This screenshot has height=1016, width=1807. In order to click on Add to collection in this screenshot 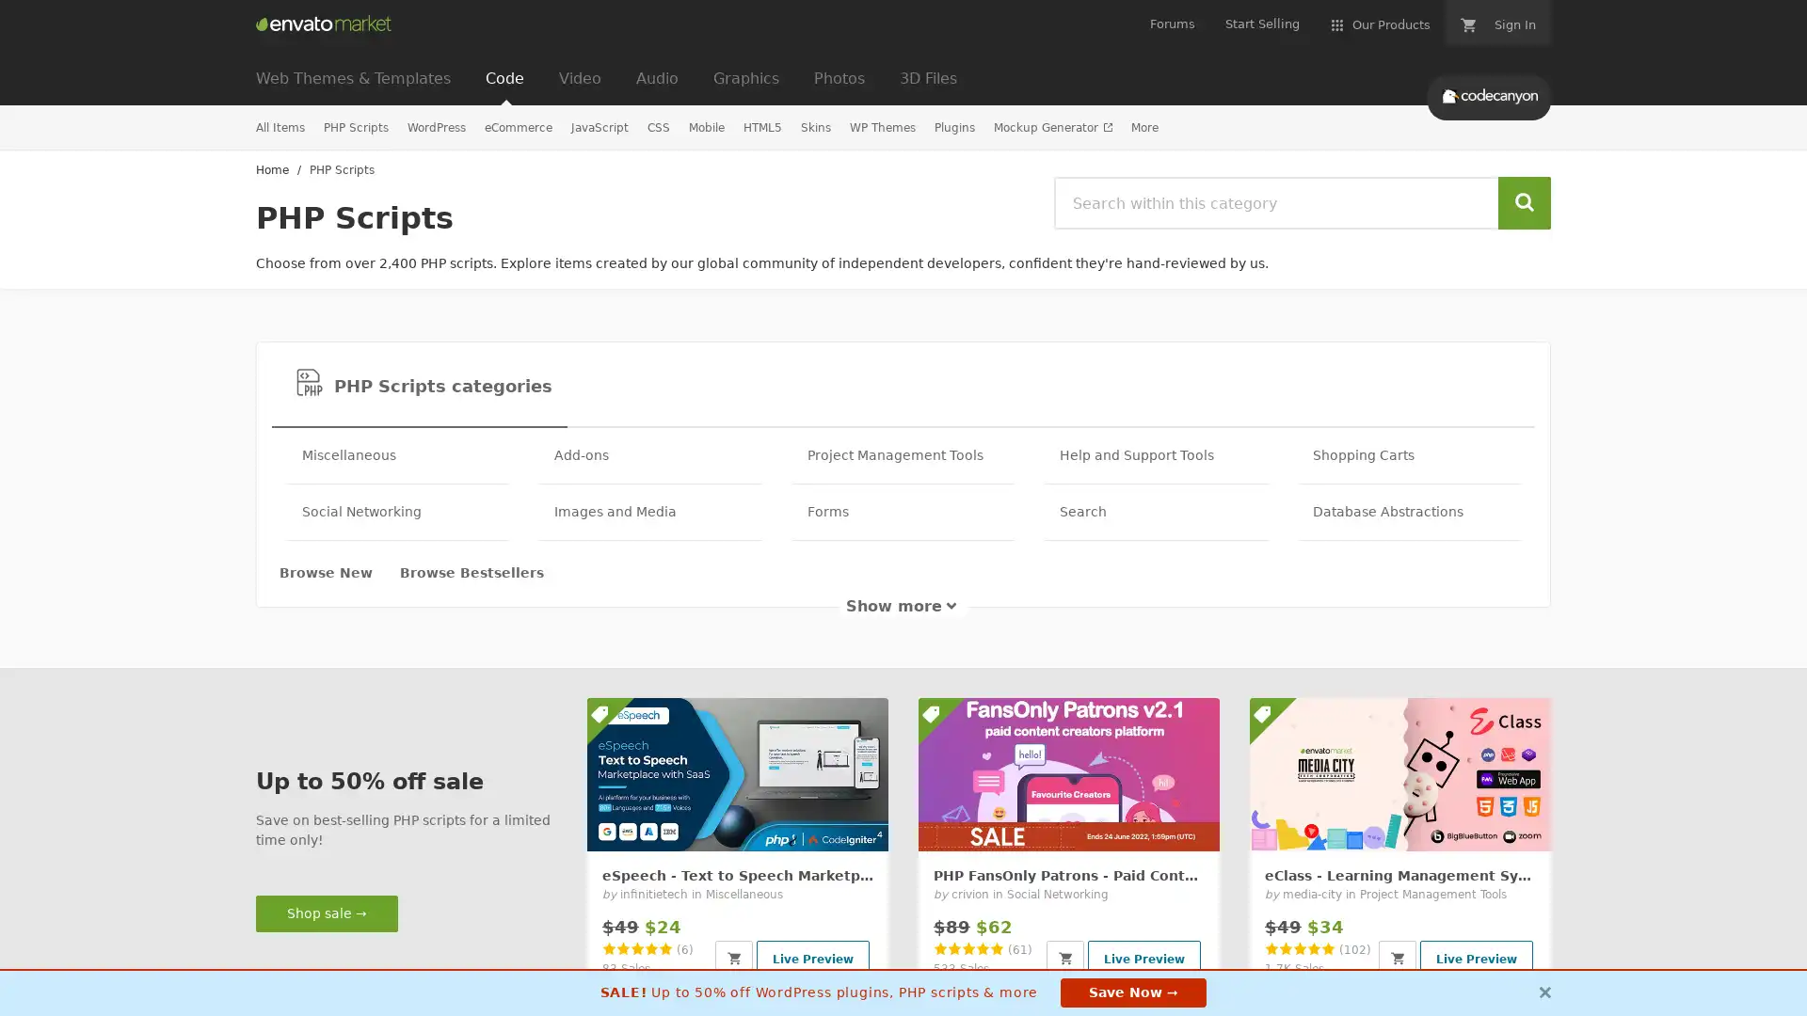, I will do `click(813, 822)`.